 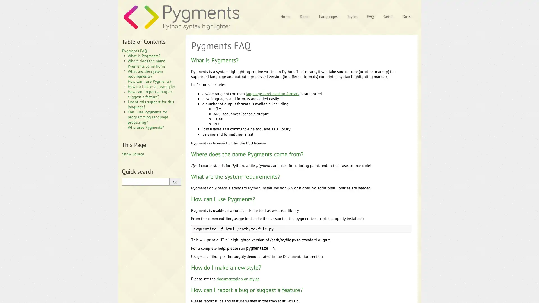 I want to click on Go, so click(x=175, y=182).